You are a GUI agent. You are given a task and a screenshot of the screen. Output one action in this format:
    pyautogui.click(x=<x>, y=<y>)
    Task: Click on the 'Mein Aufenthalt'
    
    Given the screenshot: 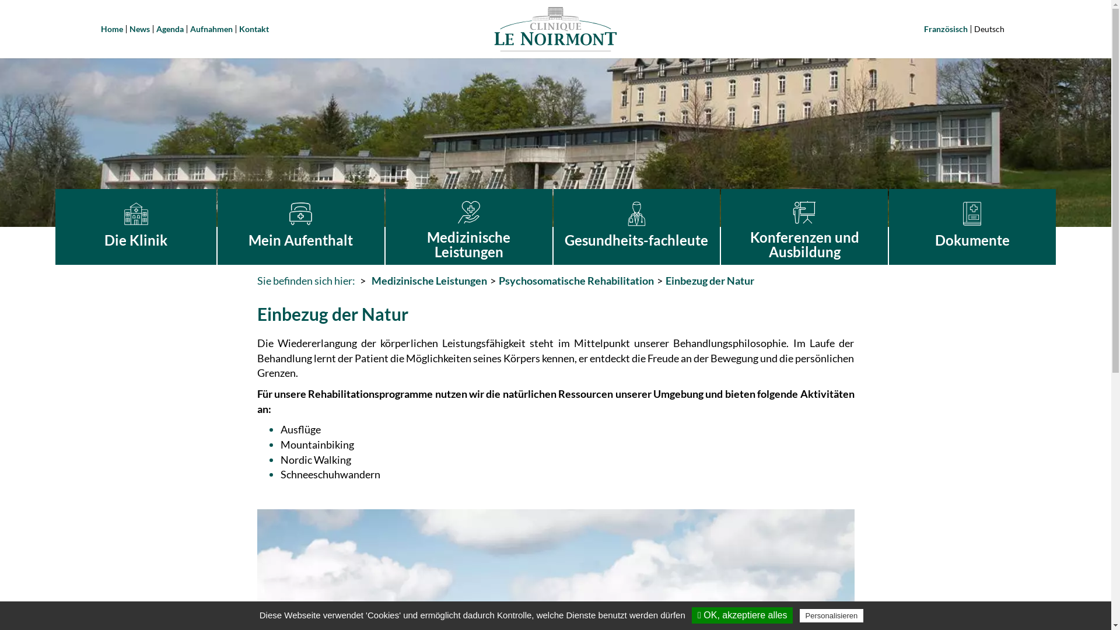 What is the action you would take?
    pyautogui.click(x=300, y=227)
    